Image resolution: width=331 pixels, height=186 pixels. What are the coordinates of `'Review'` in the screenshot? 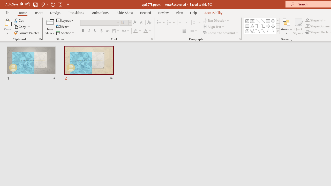 It's located at (163, 12).